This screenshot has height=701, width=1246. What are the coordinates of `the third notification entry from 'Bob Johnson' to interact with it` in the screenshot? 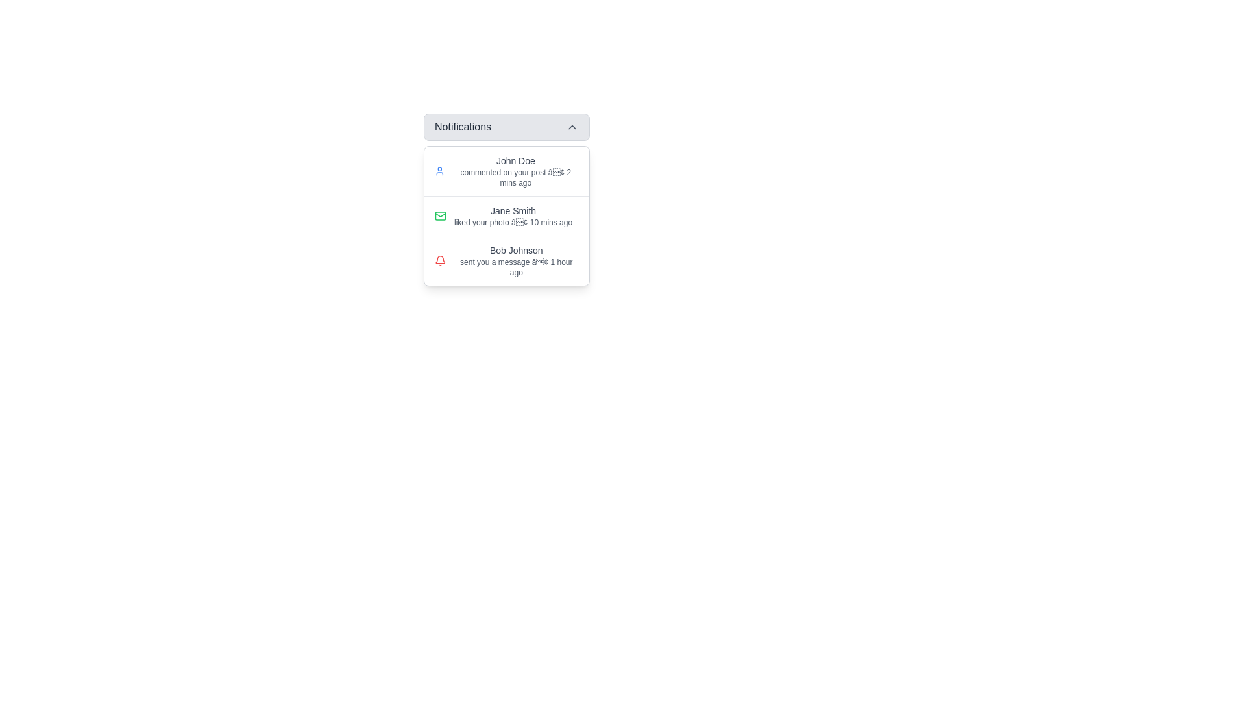 It's located at (515, 260).